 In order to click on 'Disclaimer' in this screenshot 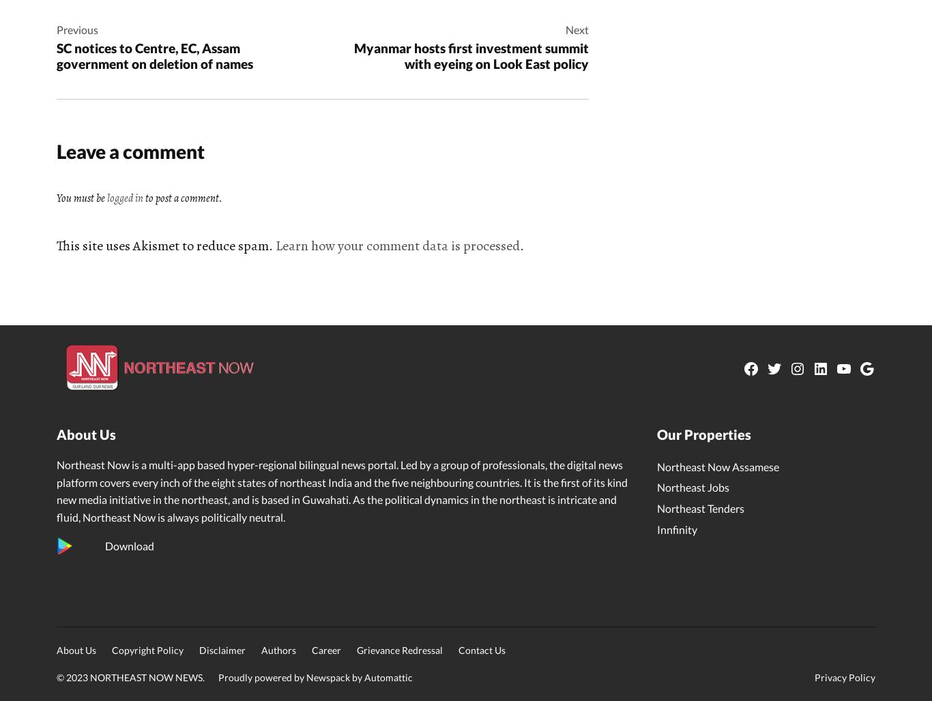, I will do `click(199, 649)`.